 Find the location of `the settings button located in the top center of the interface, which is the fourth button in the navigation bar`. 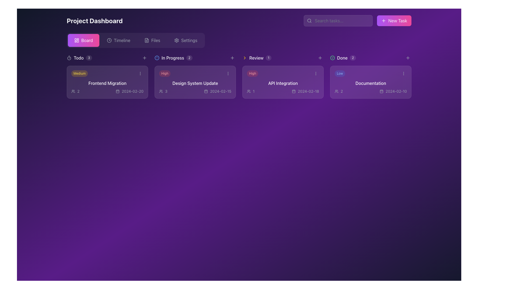

the settings button located in the top center of the interface, which is the fourth button in the navigation bar is located at coordinates (186, 40).